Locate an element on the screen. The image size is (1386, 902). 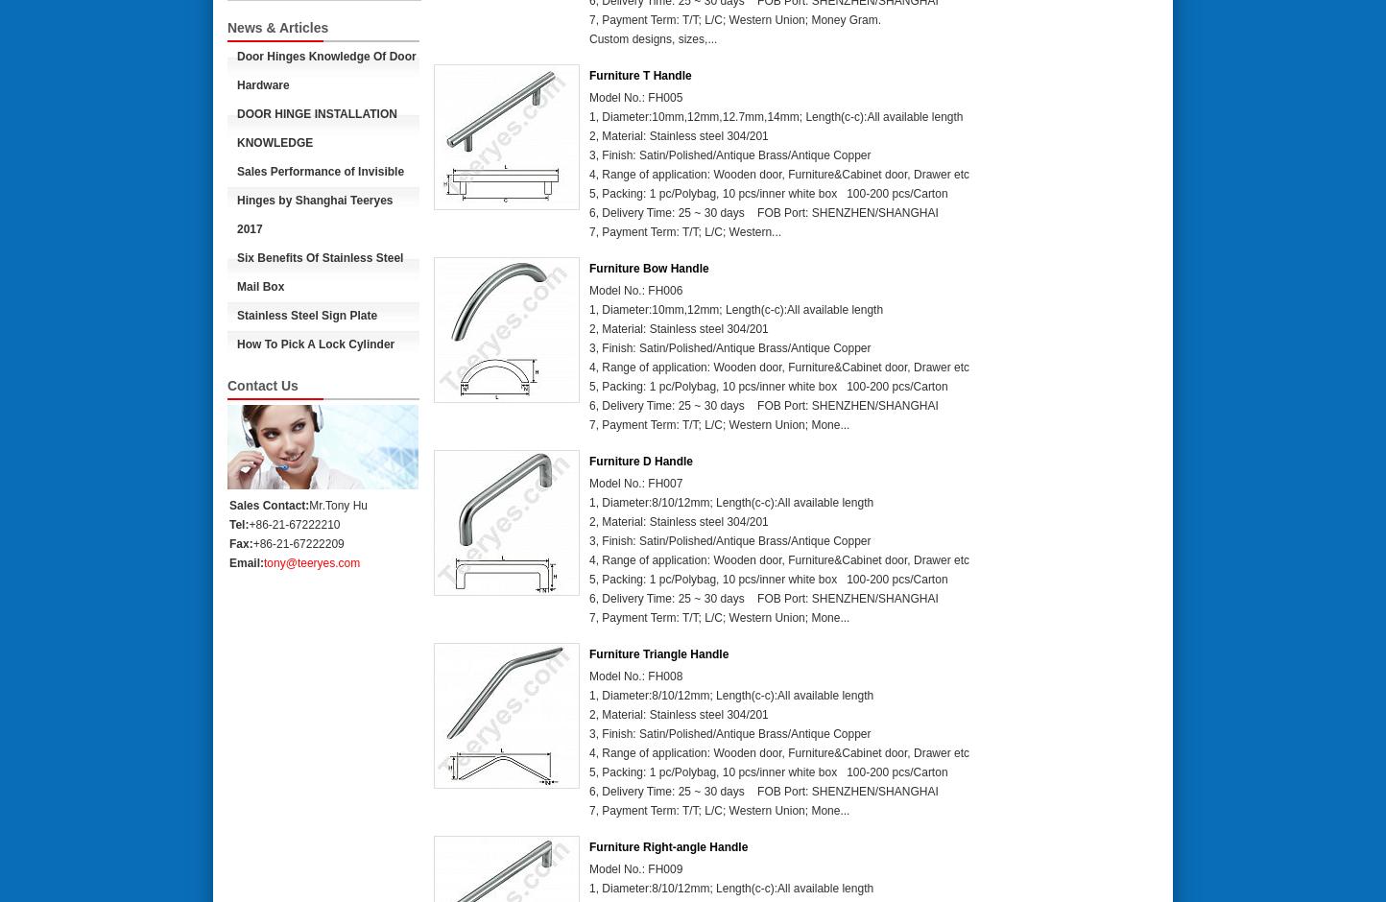
'Fax:' is located at coordinates (240, 544).